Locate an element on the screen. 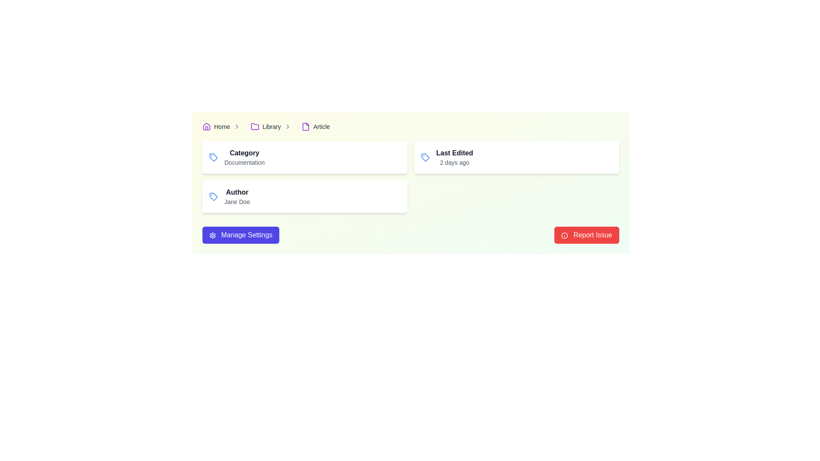 The width and height of the screenshot is (820, 461). the static text label that serves as a title for the associated content, located in the upper-left area of the main content section is located at coordinates (244, 152).